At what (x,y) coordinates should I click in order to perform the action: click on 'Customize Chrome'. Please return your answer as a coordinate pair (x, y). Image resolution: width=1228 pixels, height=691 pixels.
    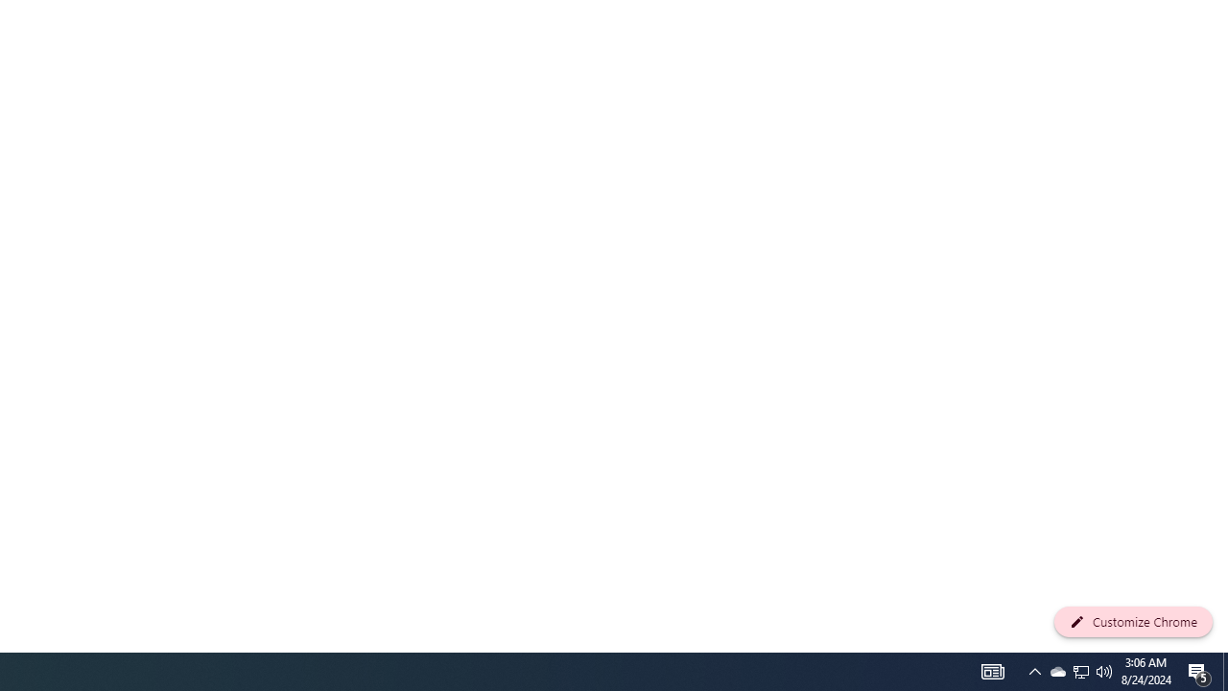
    Looking at the image, I should click on (1133, 622).